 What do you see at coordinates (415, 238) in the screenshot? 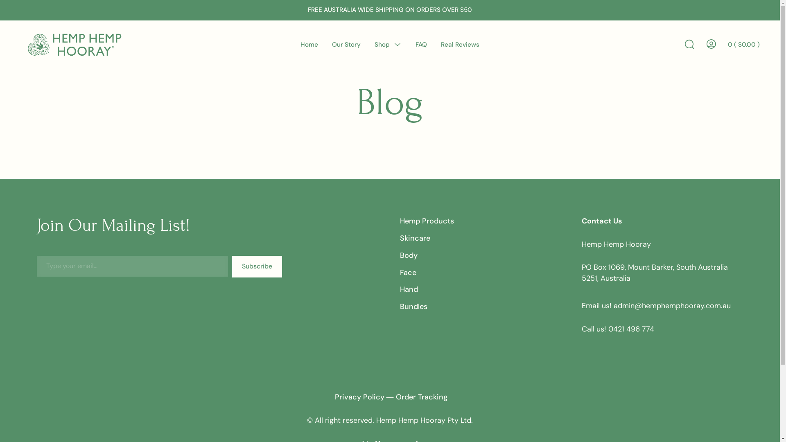
I see `'Skincare'` at bounding box center [415, 238].